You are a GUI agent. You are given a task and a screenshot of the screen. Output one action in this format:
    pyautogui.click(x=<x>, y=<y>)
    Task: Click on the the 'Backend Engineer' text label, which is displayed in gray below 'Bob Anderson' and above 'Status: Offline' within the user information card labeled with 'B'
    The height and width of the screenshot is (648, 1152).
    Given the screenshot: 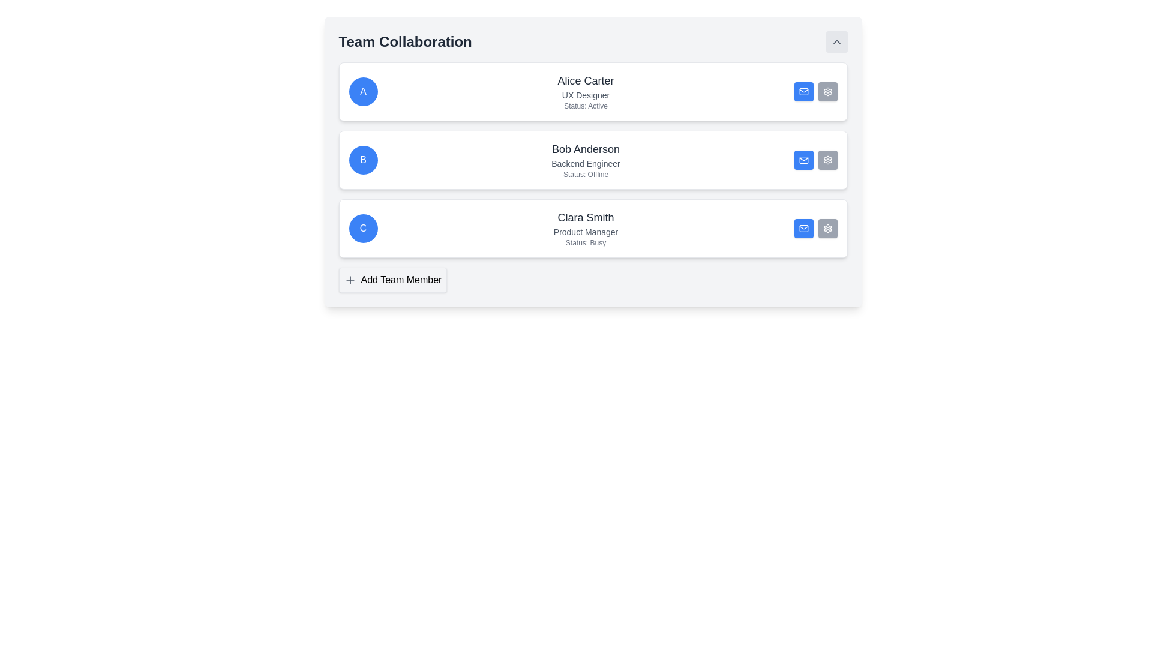 What is the action you would take?
    pyautogui.click(x=586, y=164)
    